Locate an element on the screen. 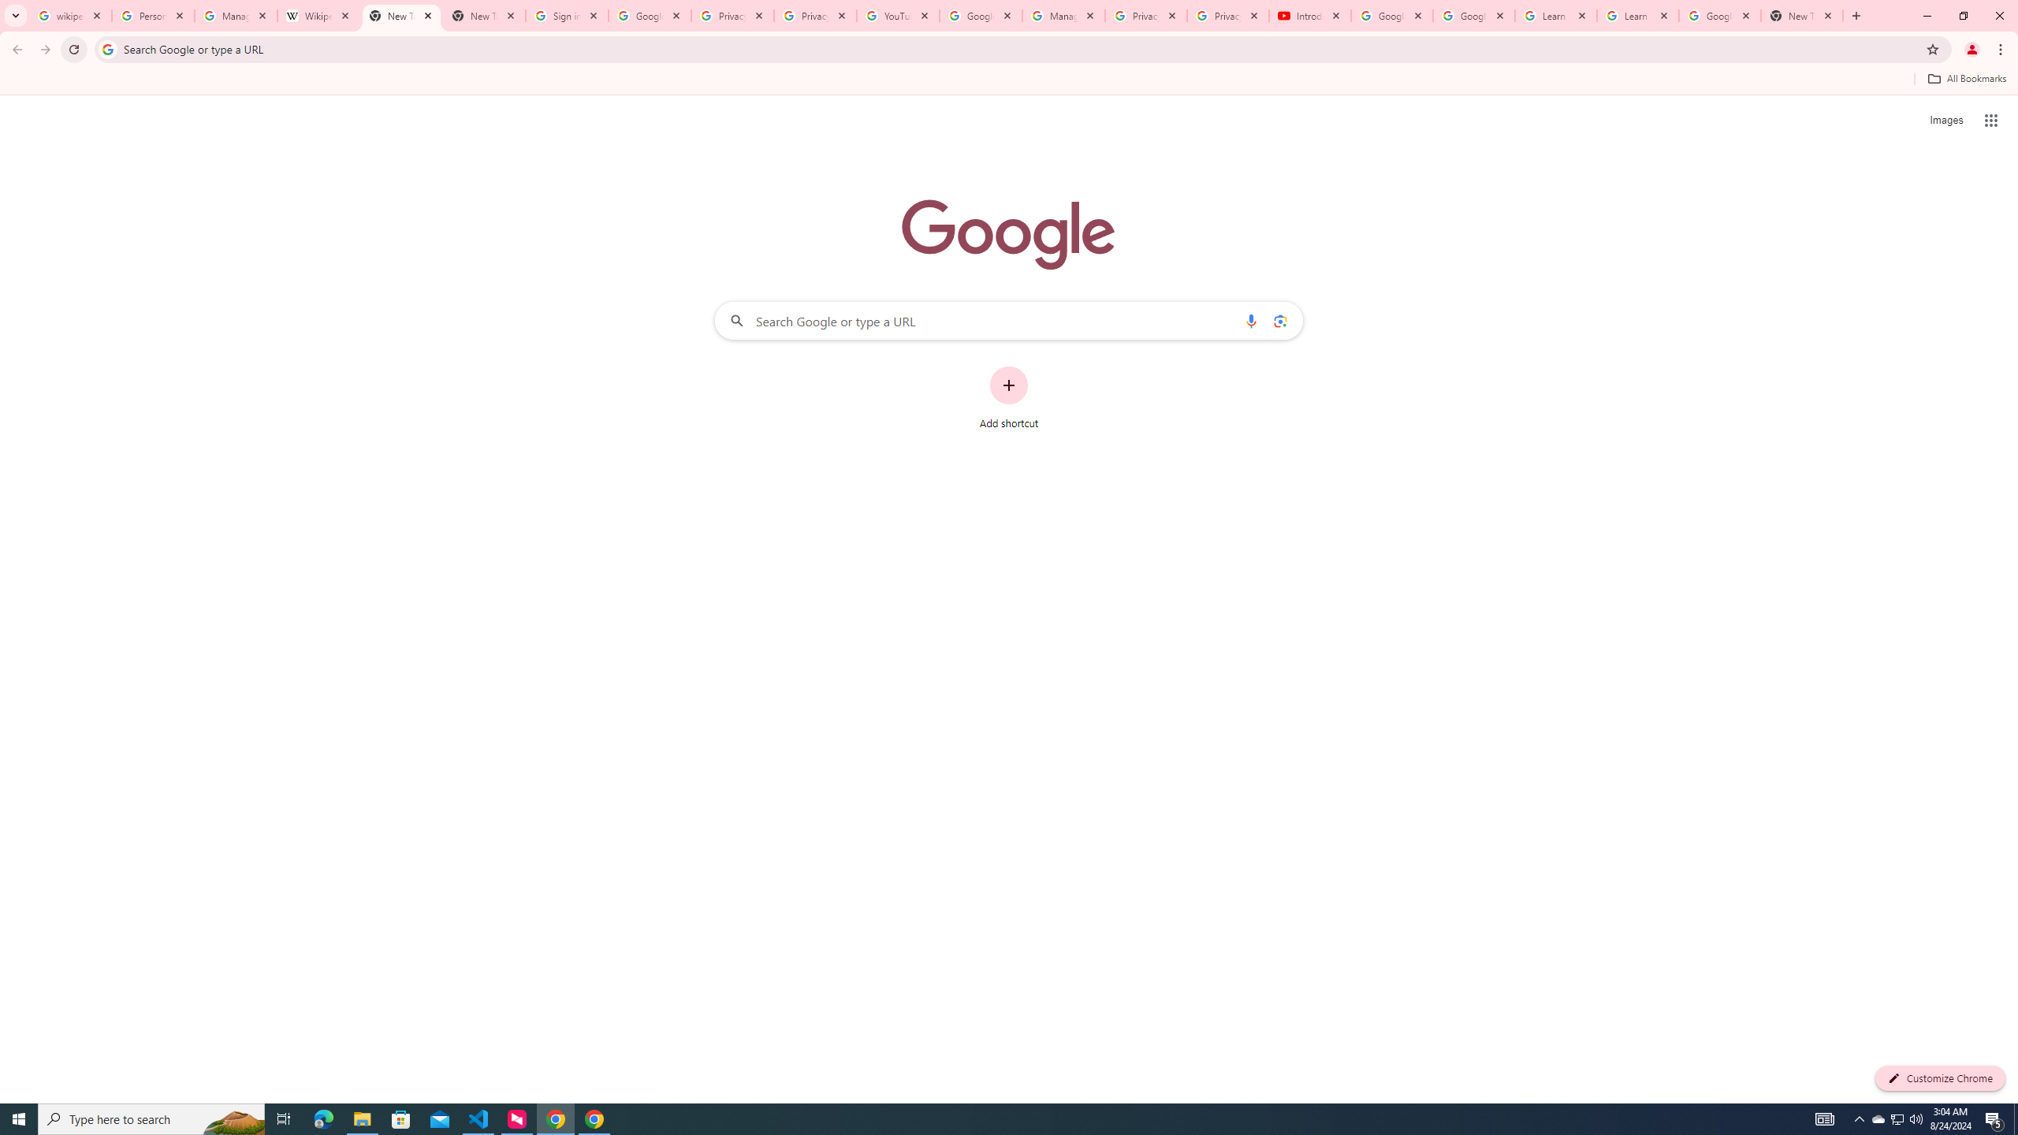  'Manage your Location History - Google Search Help' is located at coordinates (235, 15).